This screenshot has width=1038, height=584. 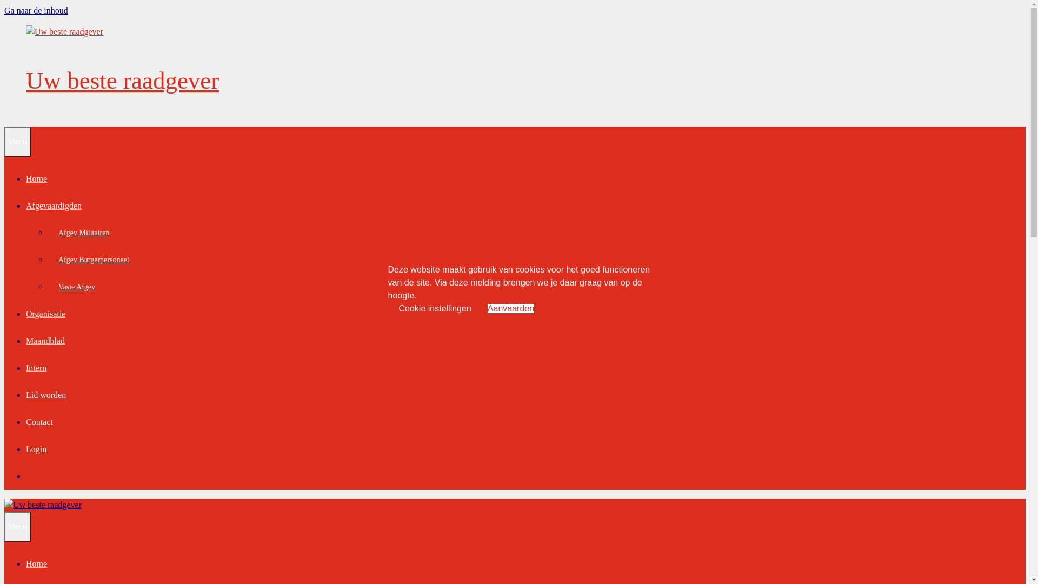 What do you see at coordinates (76, 286) in the screenshot?
I see `'Vaste Afgev'` at bounding box center [76, 286].